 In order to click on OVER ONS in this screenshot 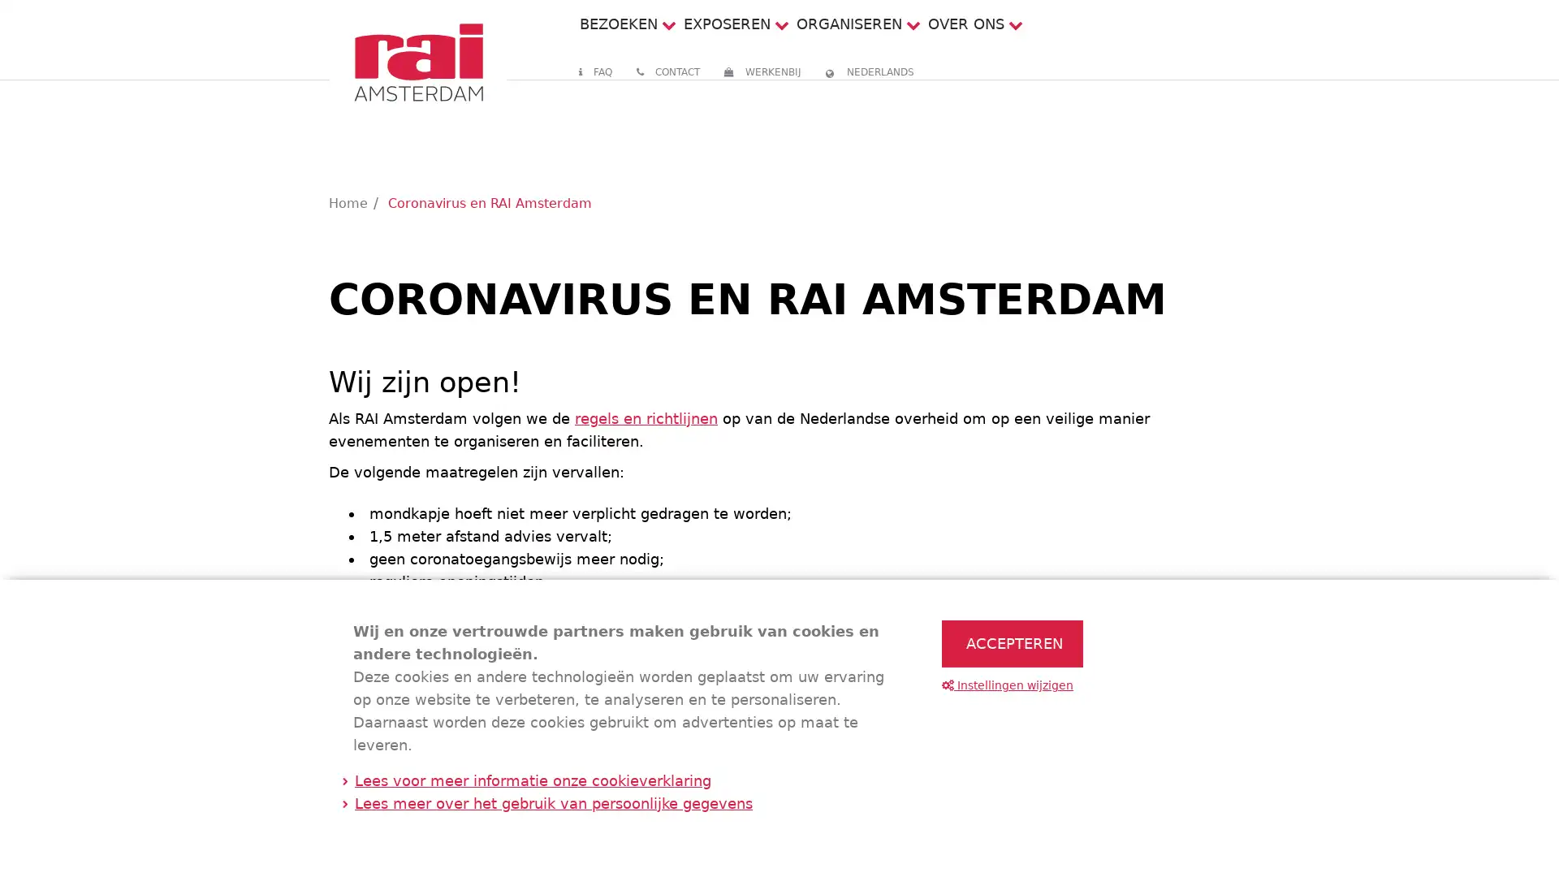, I will do `click(965, 24)`.